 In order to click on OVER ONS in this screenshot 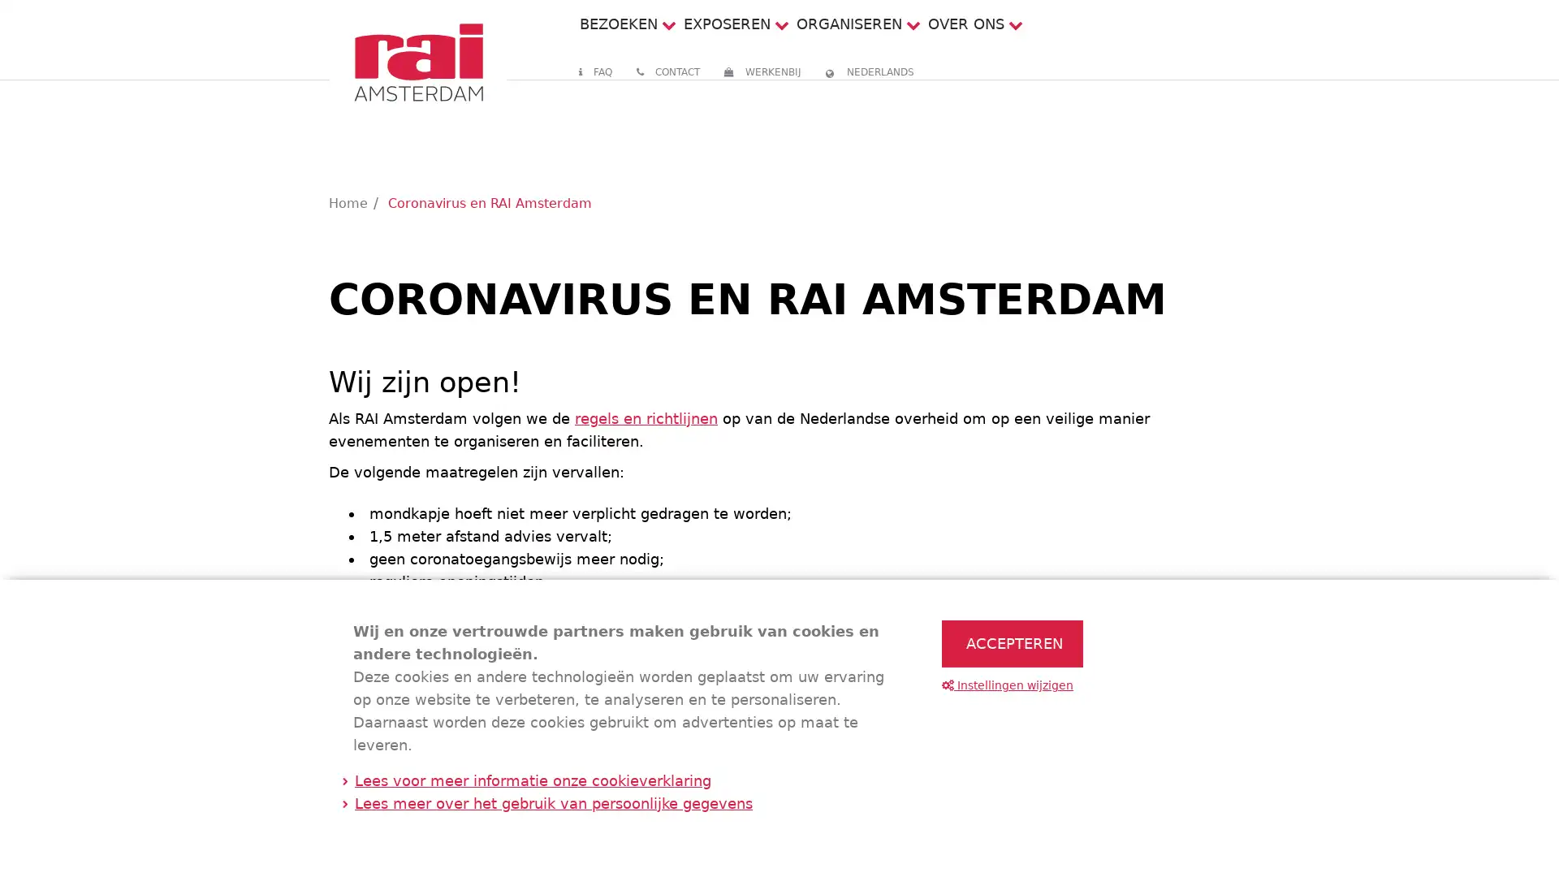, I will do `click(965, 24)`.